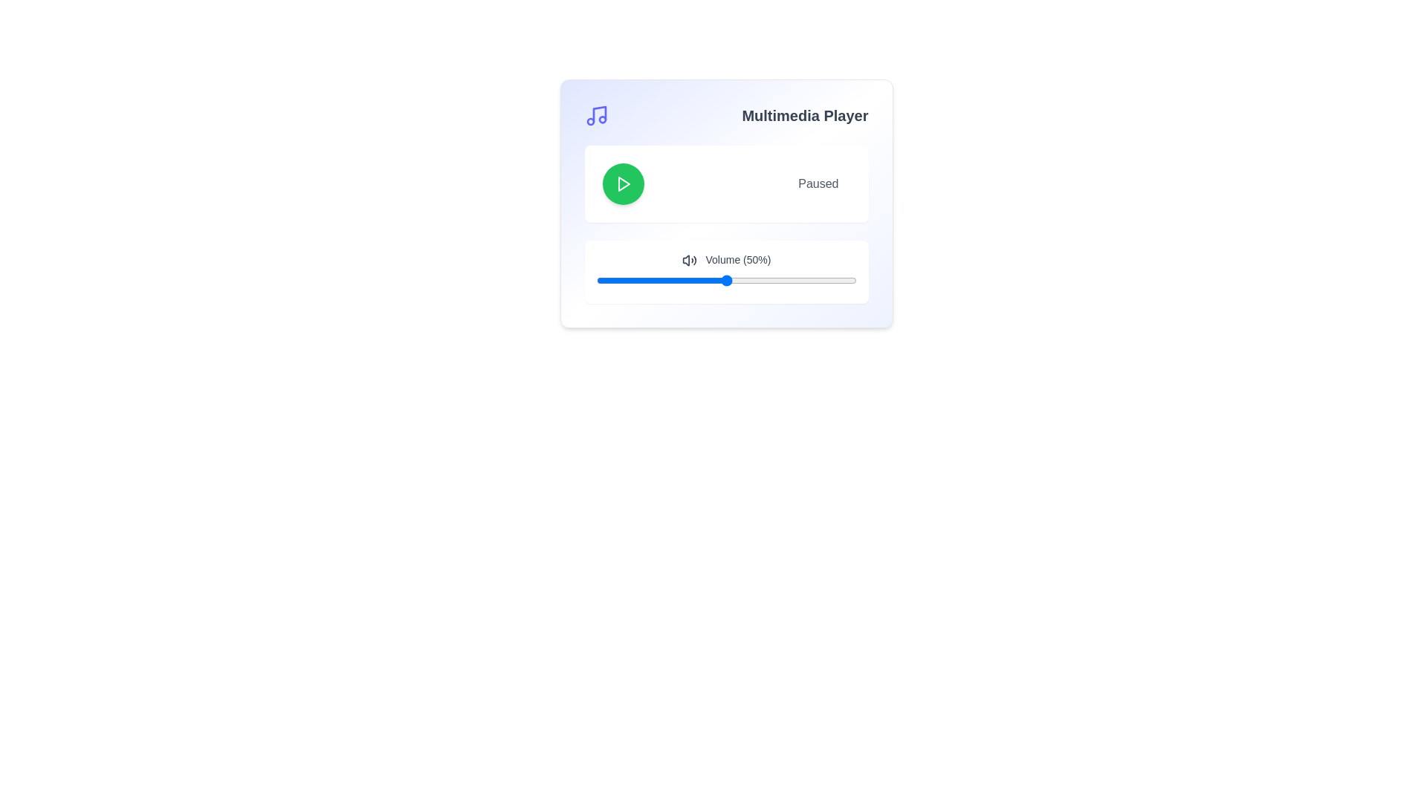 The height and width of the screenshot is (802, 1427). I want to click on volume, so click(699, 281).